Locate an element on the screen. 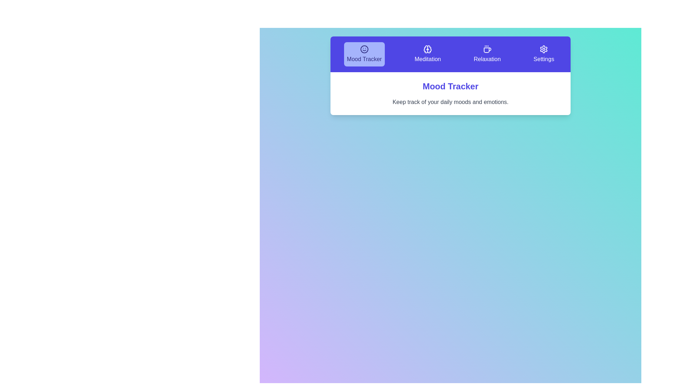  the first button in the navigation bar that redirects to the 'Mood Tracker' page is located at coordinates (364, 54).